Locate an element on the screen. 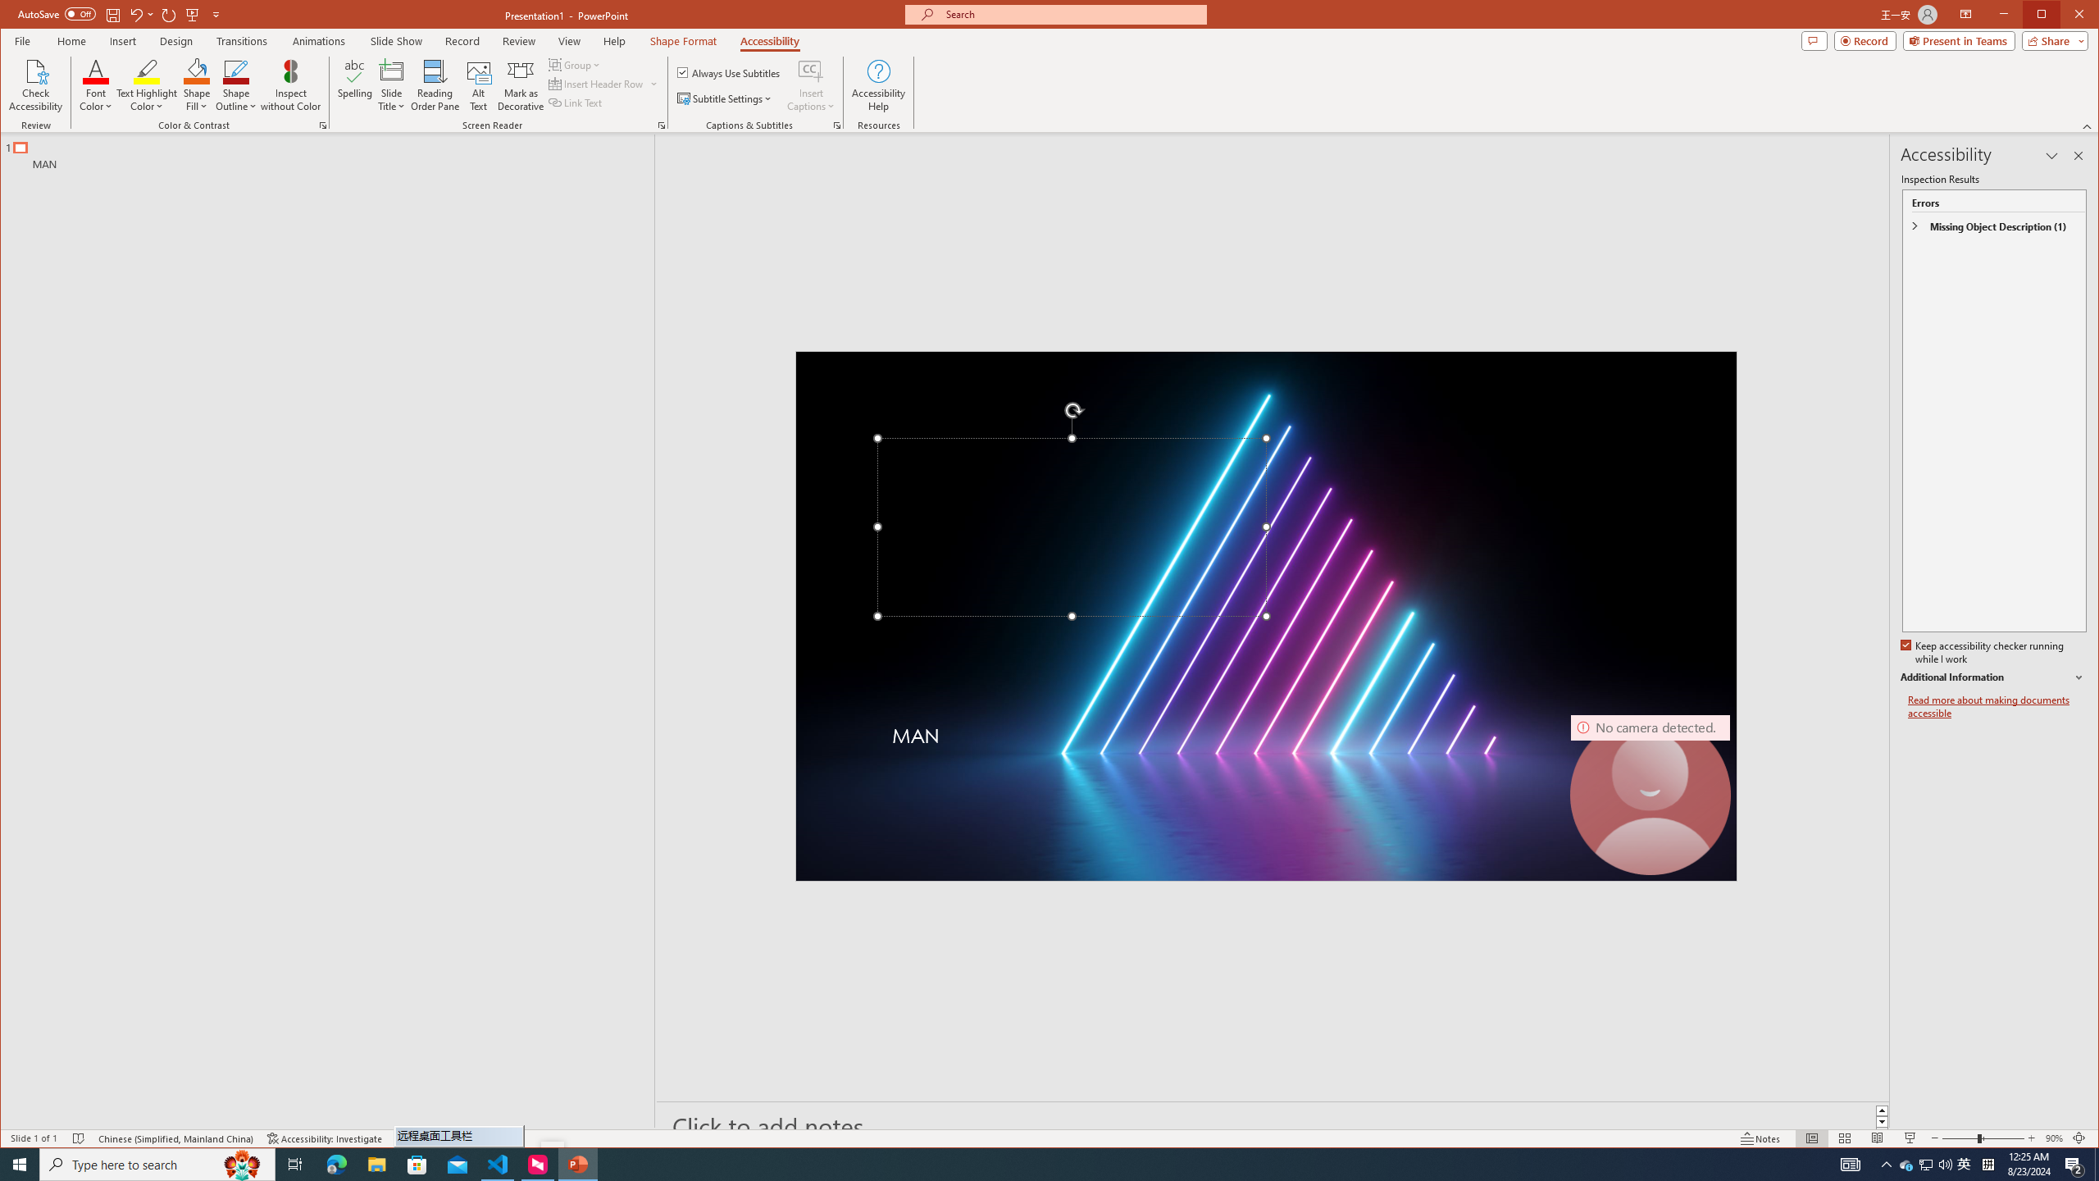  'Accessibility Help' is located at coordinates (878, 84).